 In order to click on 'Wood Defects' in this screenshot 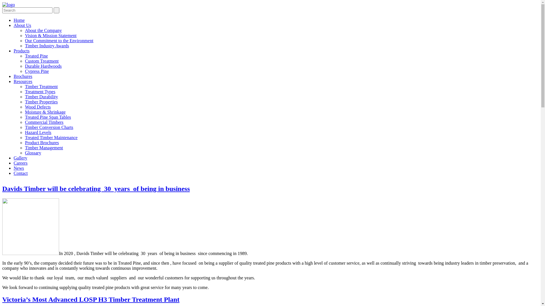, I will do `click(37, 107)`.